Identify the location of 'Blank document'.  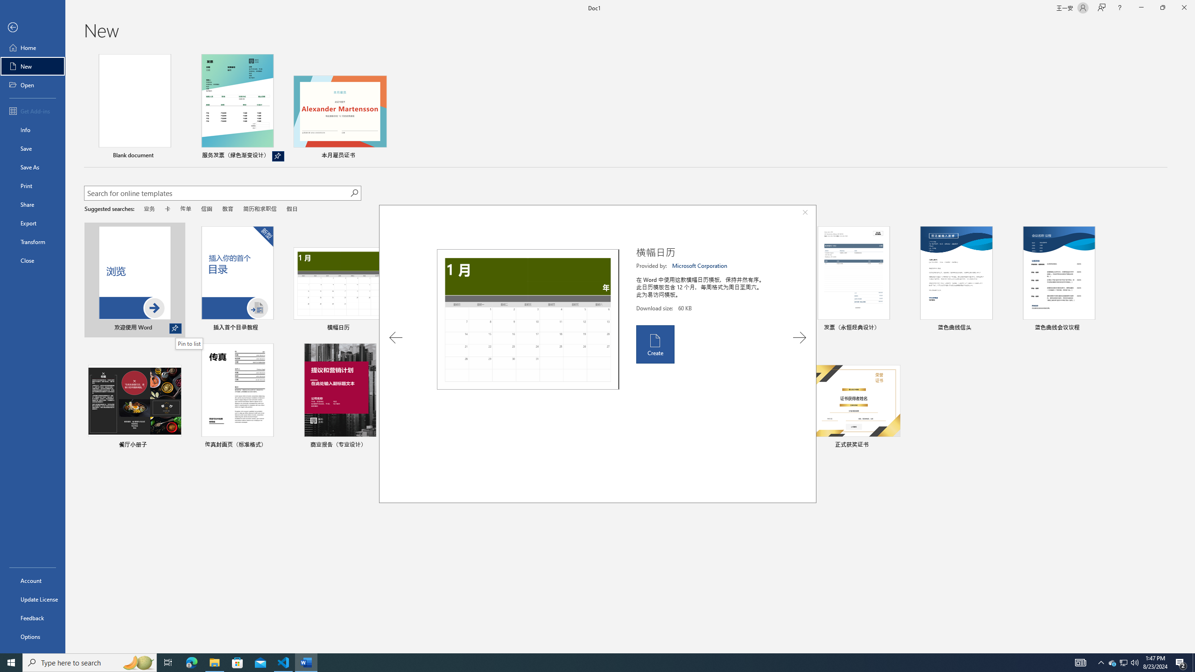
(135, 107).